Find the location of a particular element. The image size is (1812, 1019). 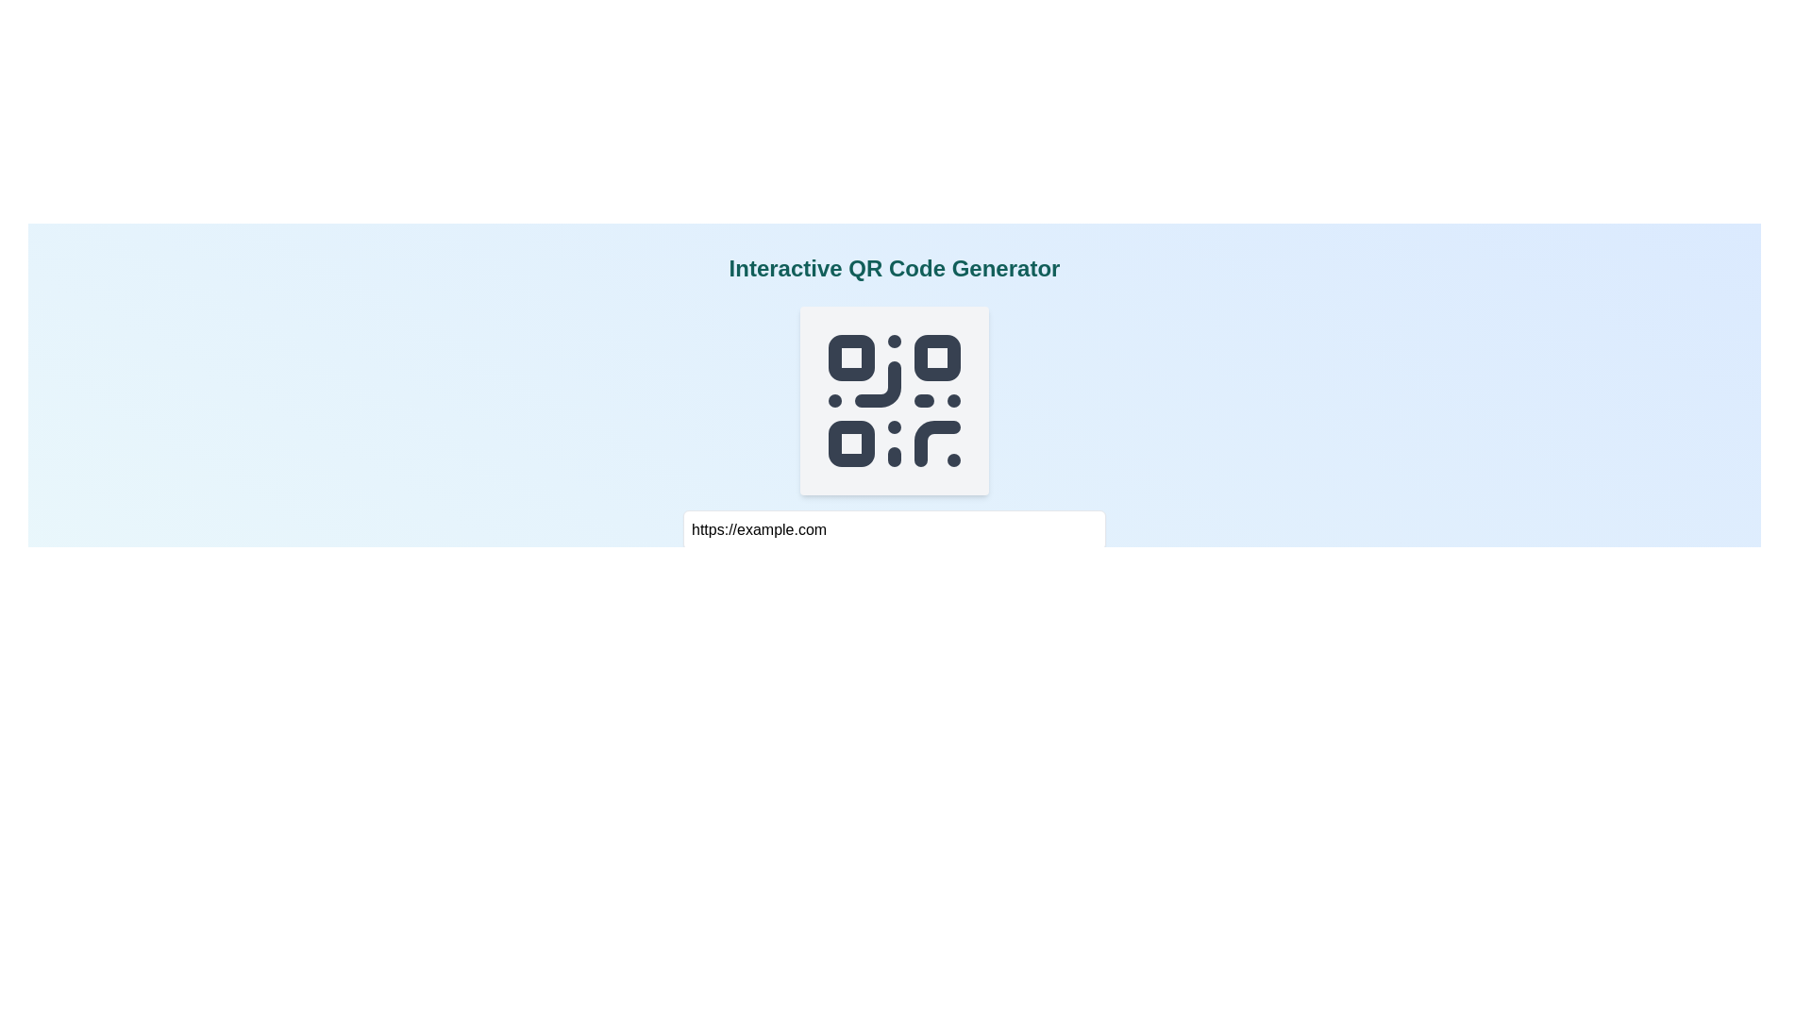

the slider value is located at coordinates (1021, 571).